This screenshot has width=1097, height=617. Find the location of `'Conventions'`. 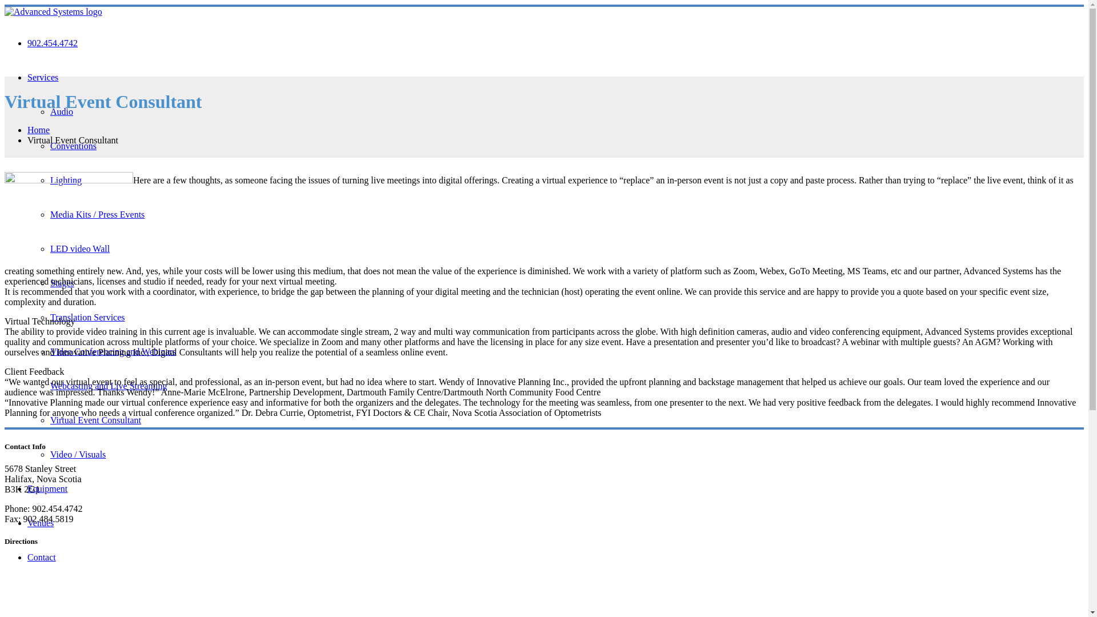

'Conventions' is located at coordinates (73, 145).